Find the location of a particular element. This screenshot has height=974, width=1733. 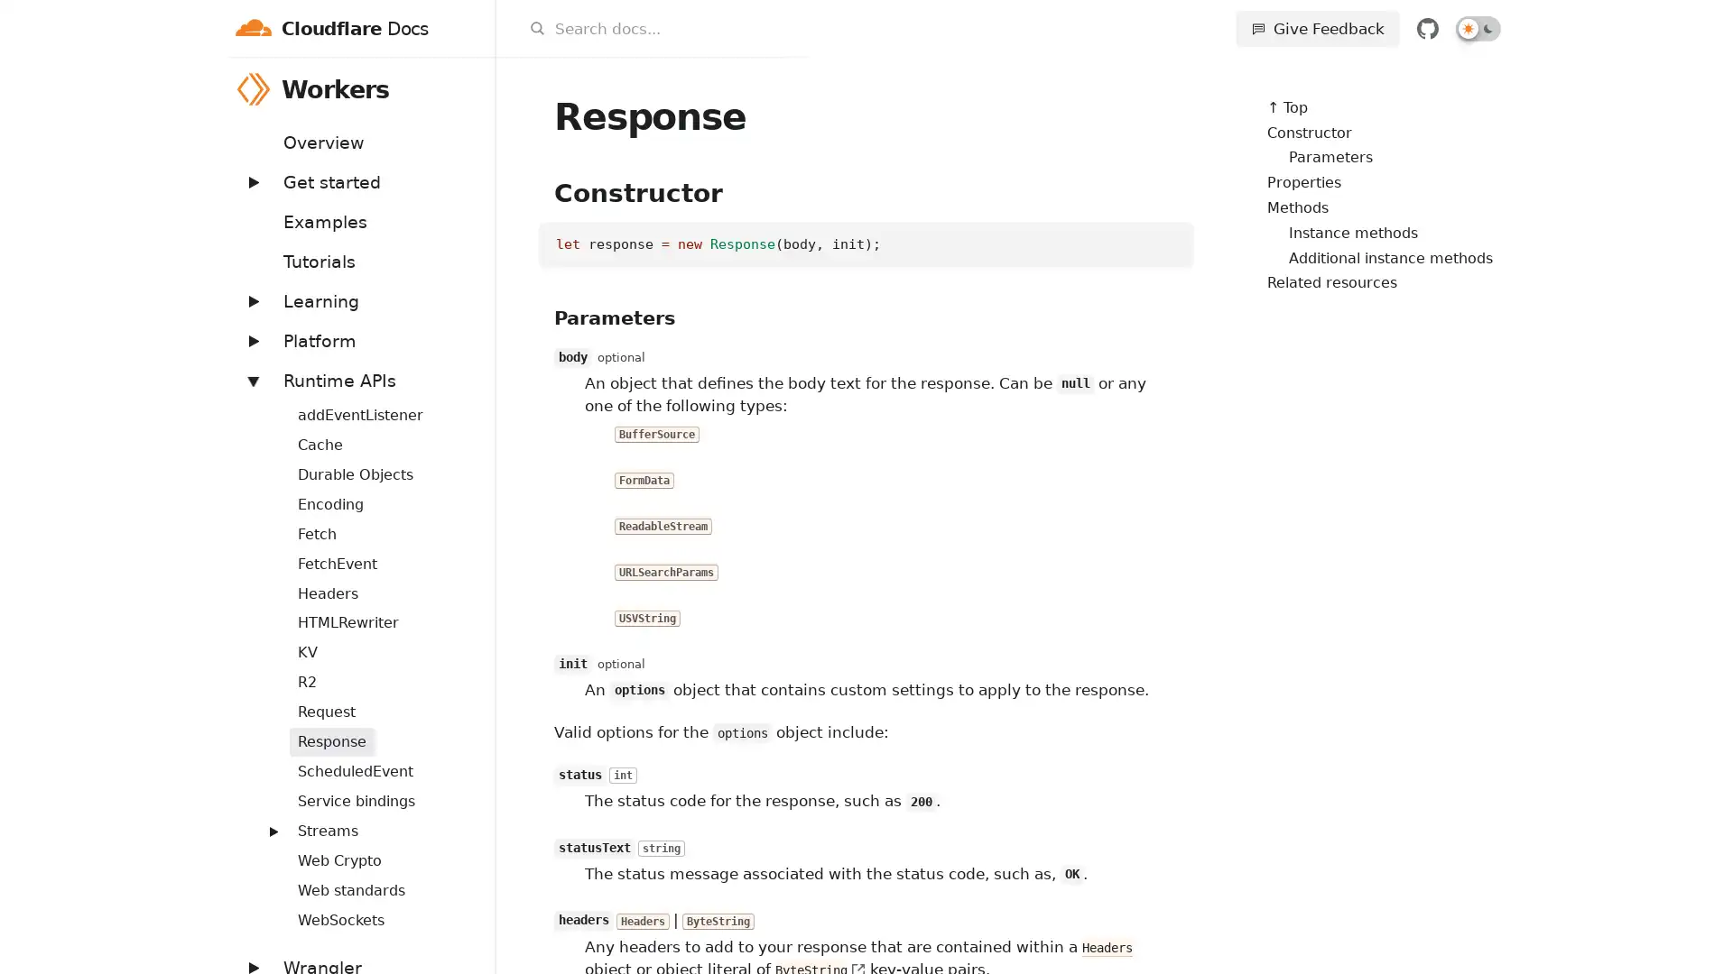

Expand: Runtime APIs is located at coordinates (251, 379).